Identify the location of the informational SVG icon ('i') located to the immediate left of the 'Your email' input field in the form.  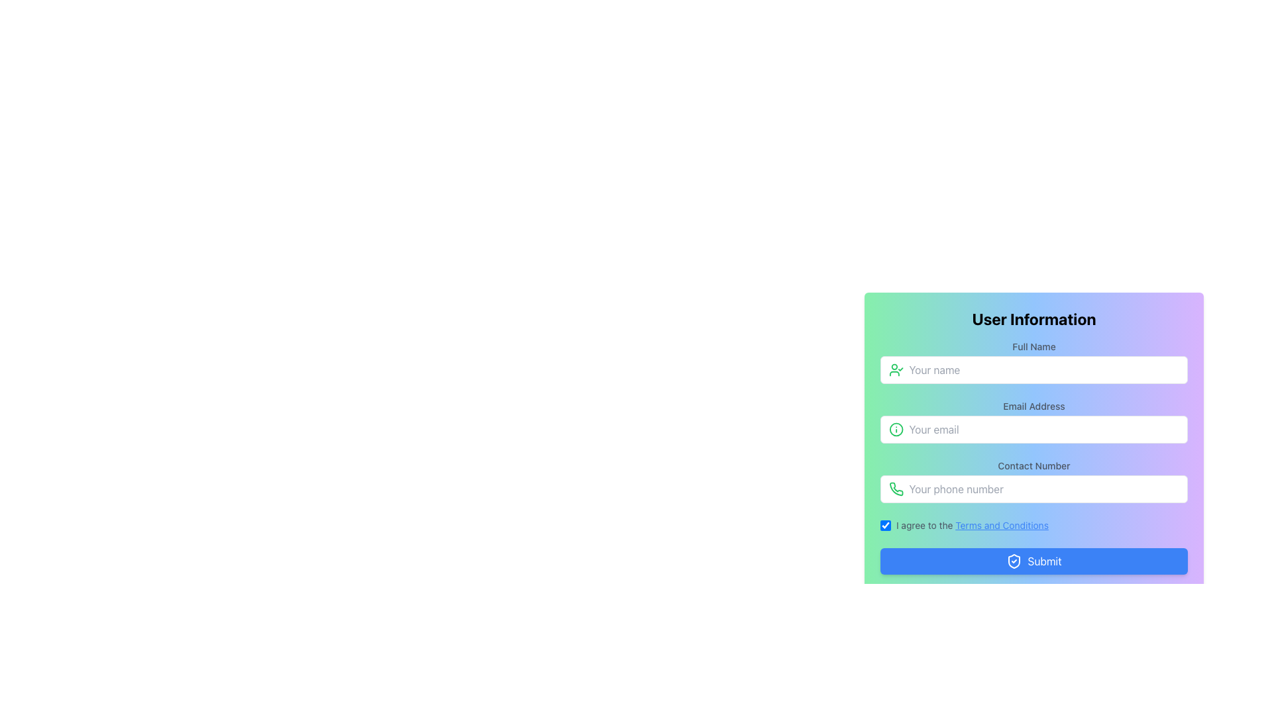
(896, 429).